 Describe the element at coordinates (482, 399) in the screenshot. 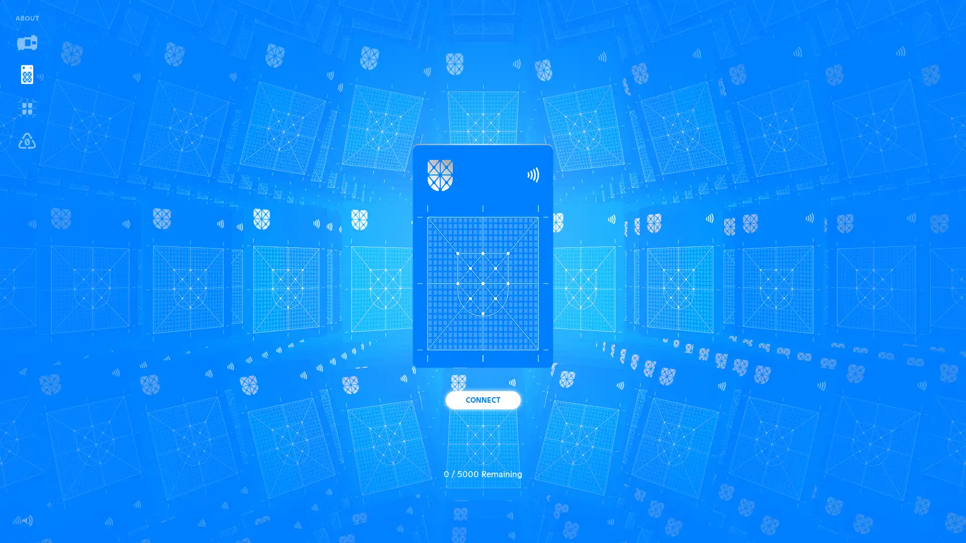

I see `CONNECT` at that location.